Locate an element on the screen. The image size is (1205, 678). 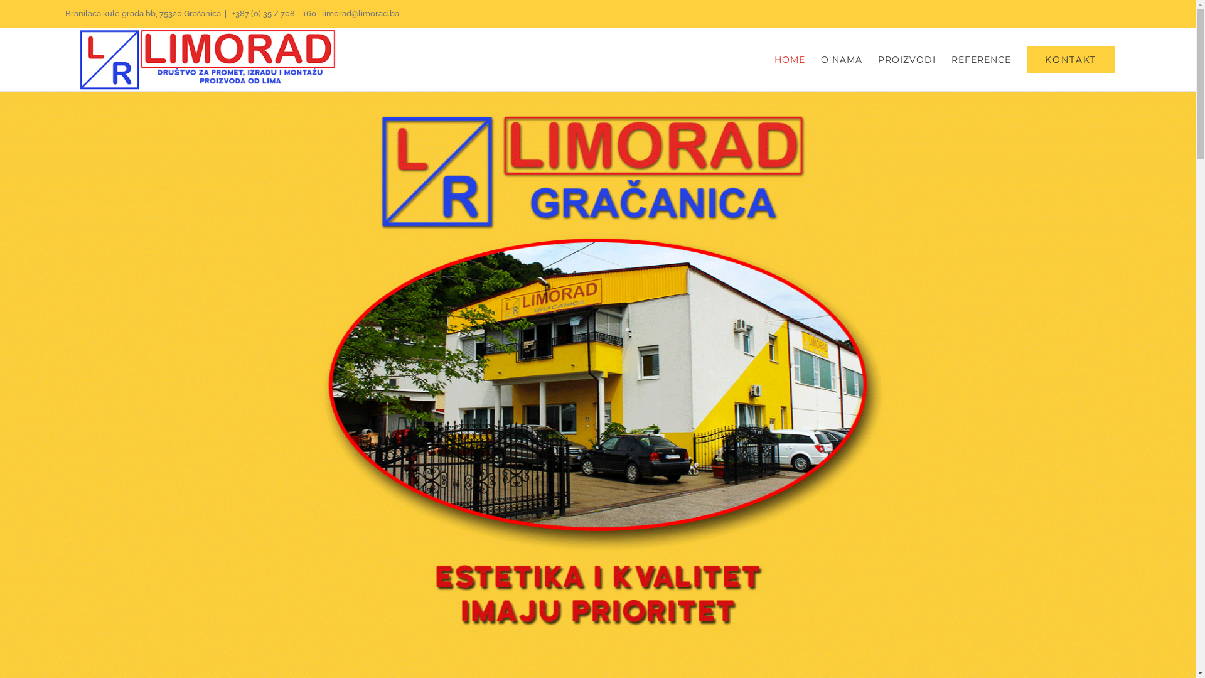
'PROIZVODI' is located at coordinates (877, 60).